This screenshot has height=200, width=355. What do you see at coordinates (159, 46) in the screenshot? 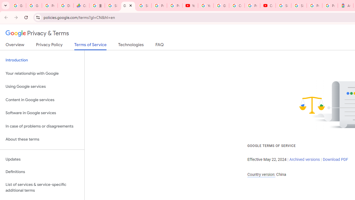
I see `'FAQ'` at bounding box center [159, 46].